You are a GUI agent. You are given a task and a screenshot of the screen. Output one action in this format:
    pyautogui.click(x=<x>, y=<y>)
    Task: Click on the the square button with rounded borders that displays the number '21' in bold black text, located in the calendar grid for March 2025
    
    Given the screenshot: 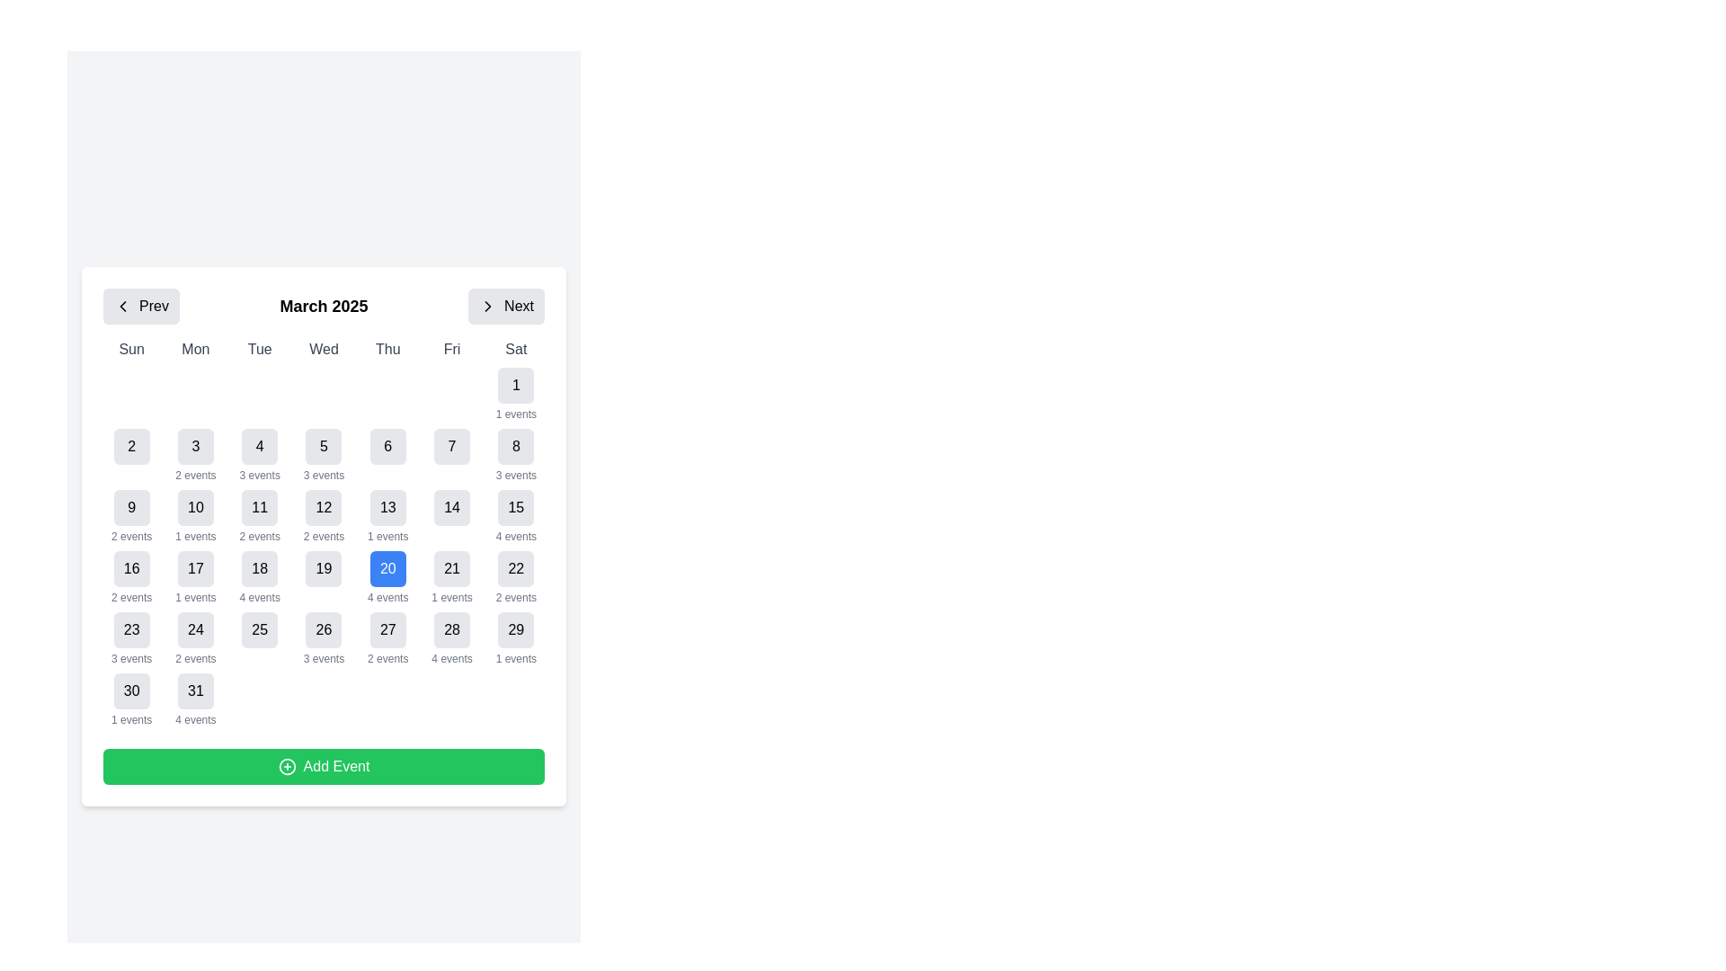 What is the action you would take?
    pyautogui.click(x=452, y=568)
    